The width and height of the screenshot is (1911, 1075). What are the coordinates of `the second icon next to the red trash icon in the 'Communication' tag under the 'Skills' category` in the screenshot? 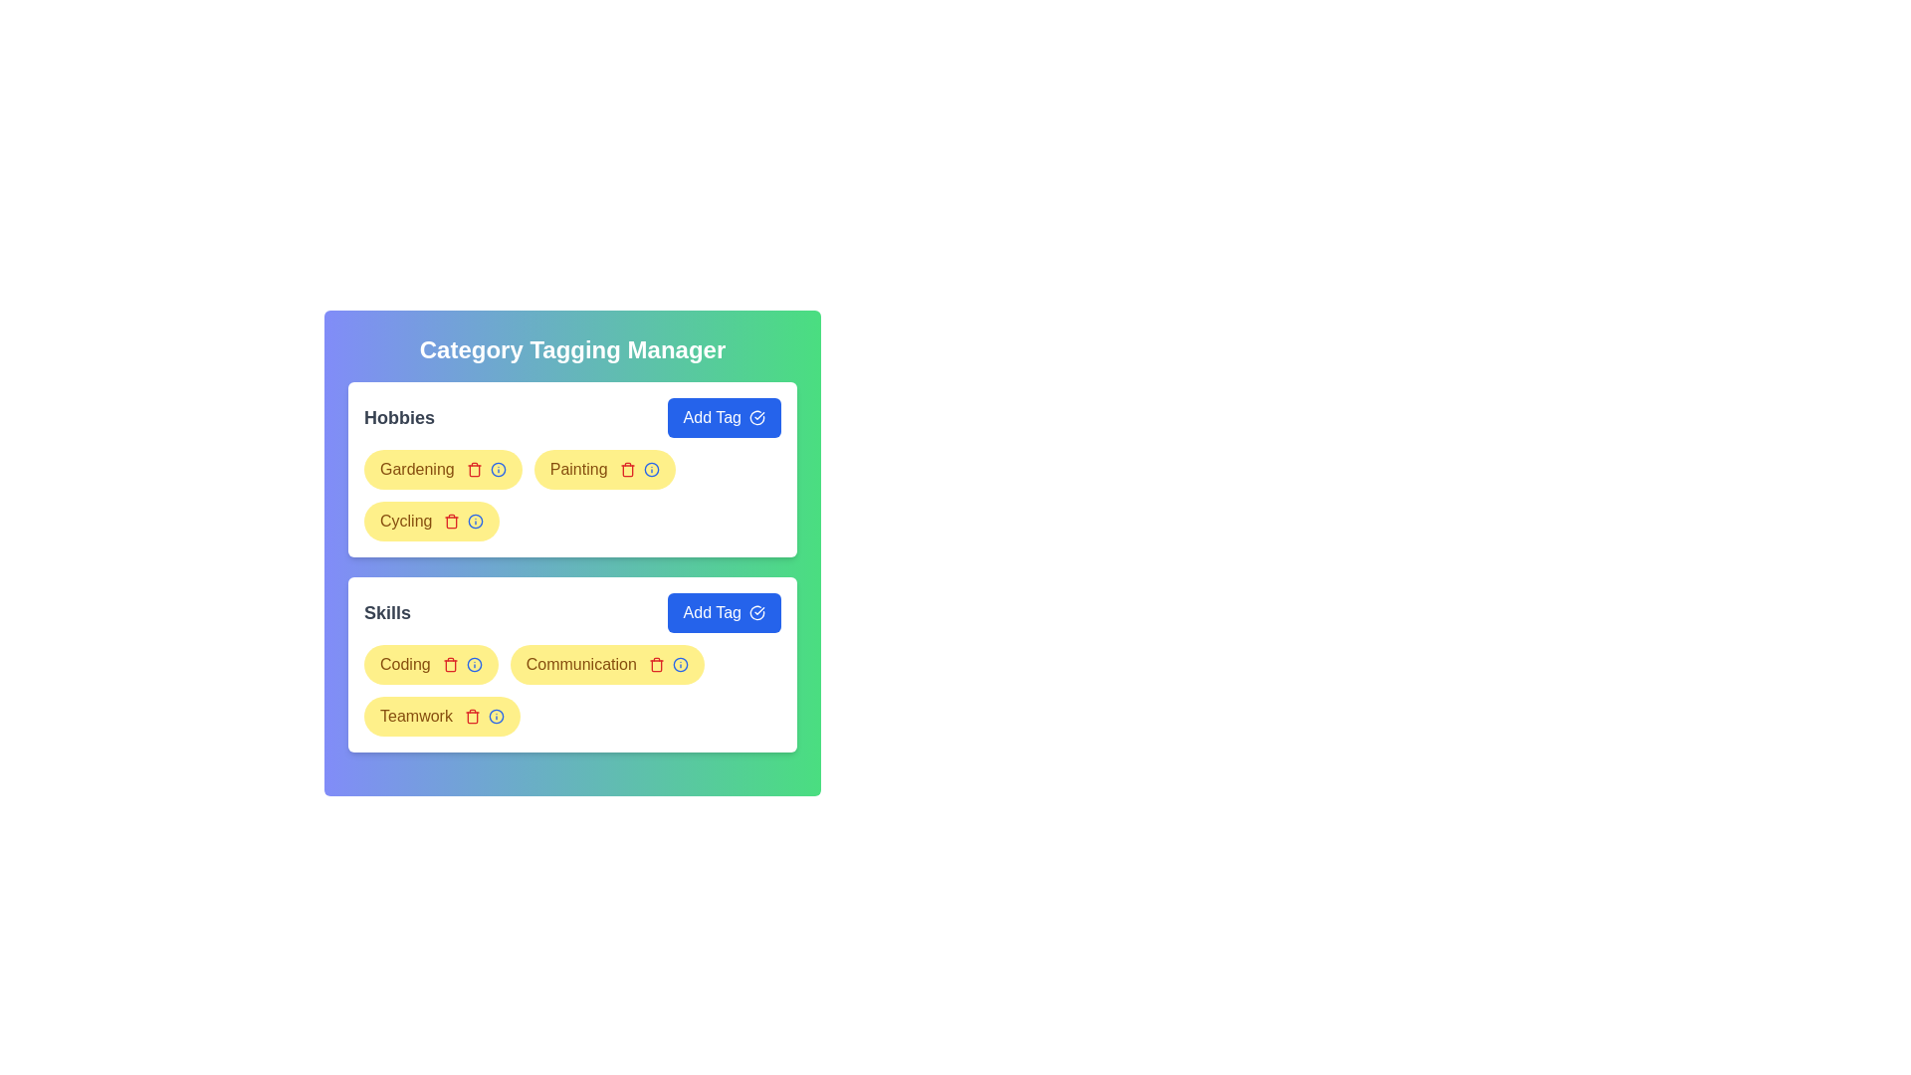 It's located at (680, 664).